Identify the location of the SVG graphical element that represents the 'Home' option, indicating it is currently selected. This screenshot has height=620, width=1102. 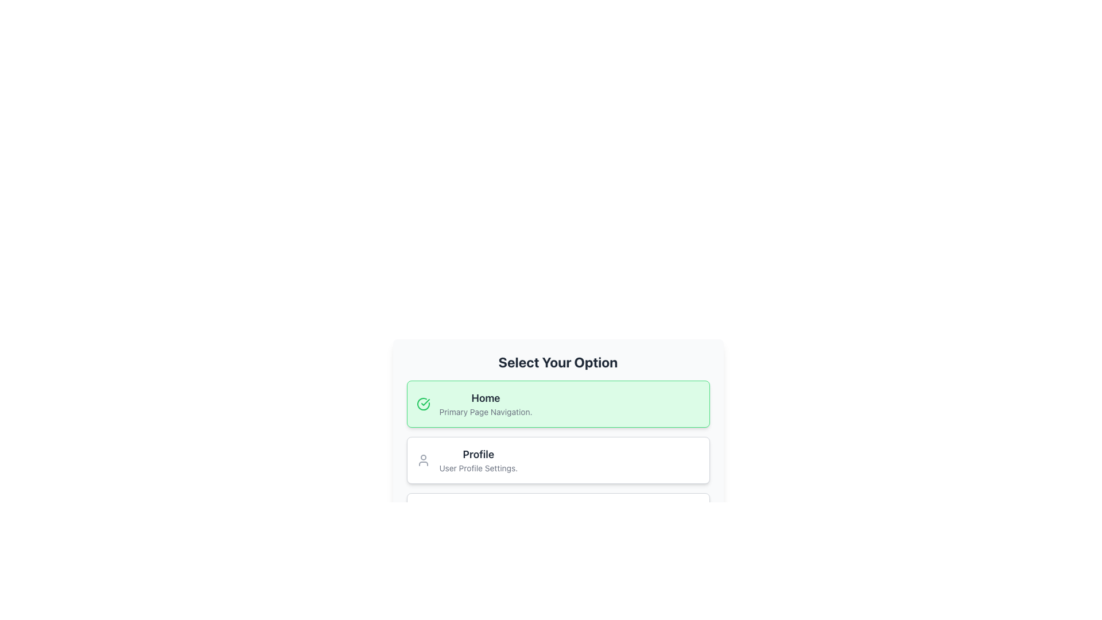
(422, 404).